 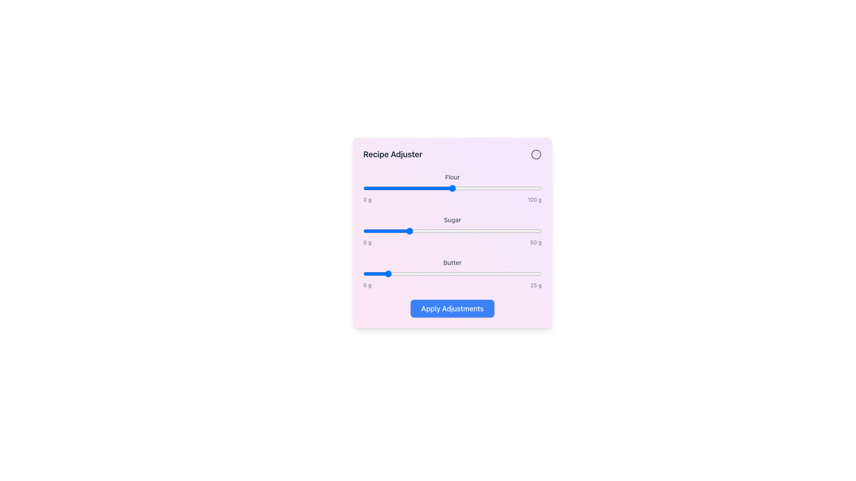 I want to click on the flour amount, so click(x=382, y=188).